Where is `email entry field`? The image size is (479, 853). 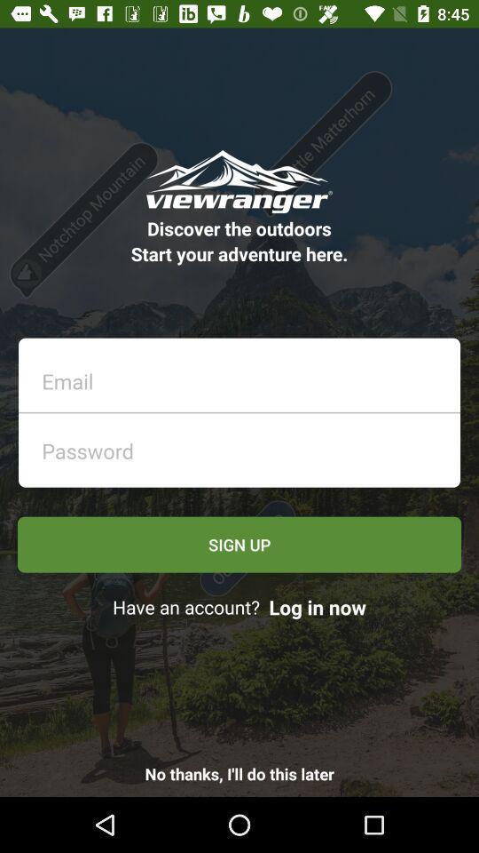
email entry field is located at coordinates (244, 376).